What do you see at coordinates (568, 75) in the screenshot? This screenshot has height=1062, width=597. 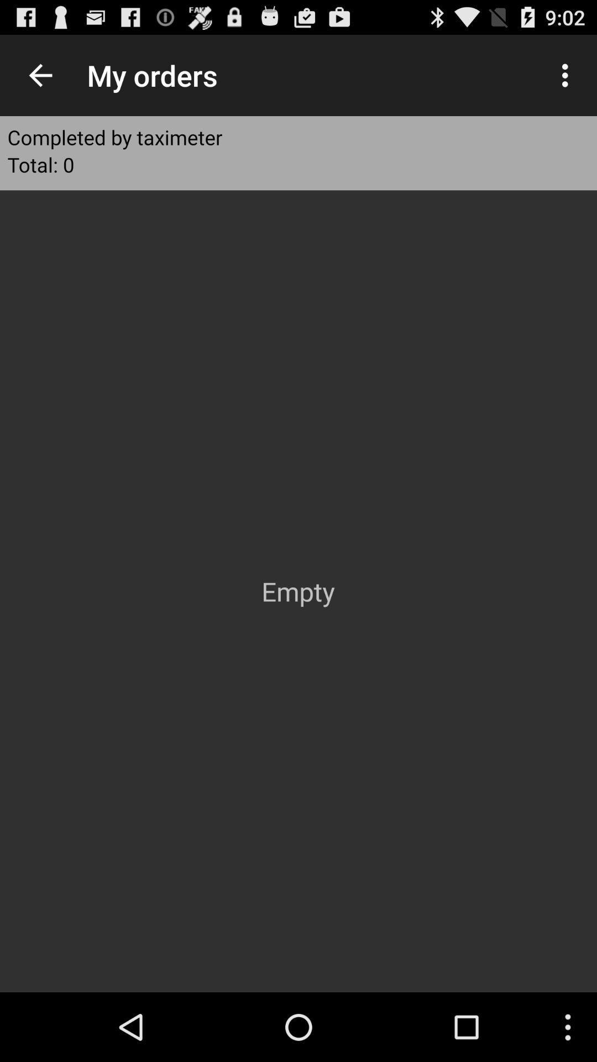 I see `icon to the right of my orders` at bounding box center [568, 75].